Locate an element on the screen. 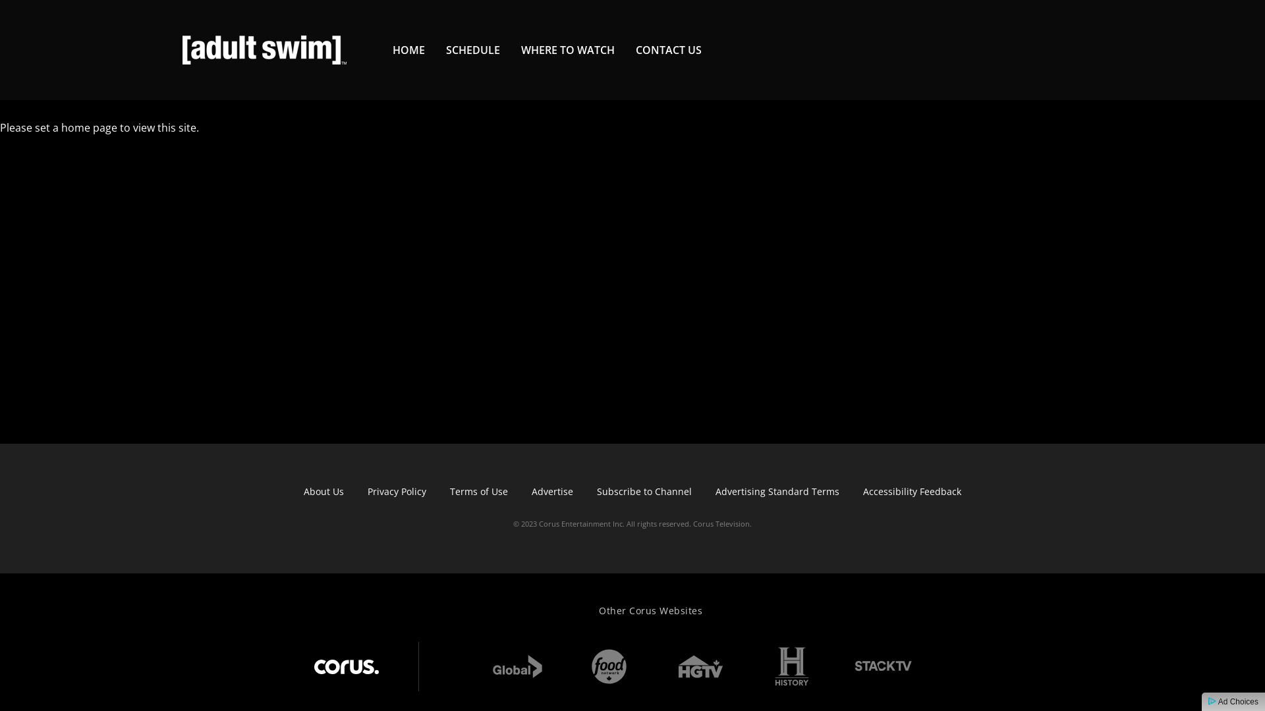  'Food Network' is located at coordinates (575, 666).